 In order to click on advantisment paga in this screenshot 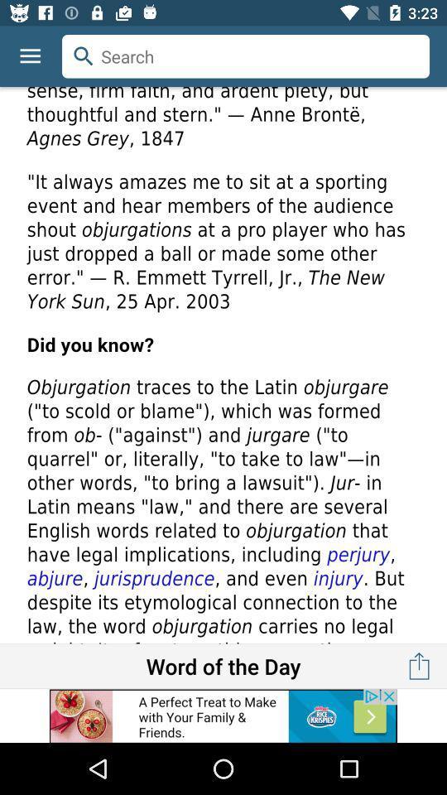, I will do `click(223, 715)`.